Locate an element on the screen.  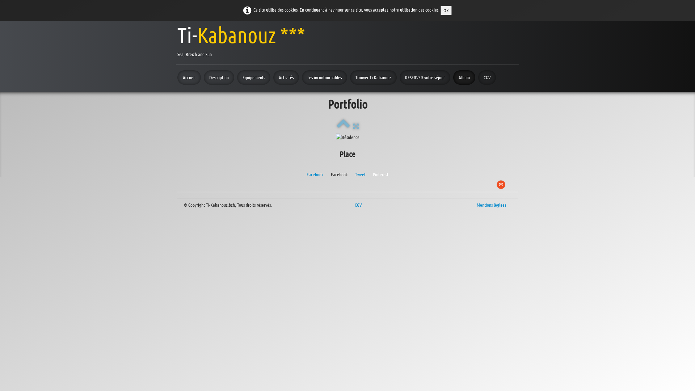
'place' is located at coordinates (347, 137).